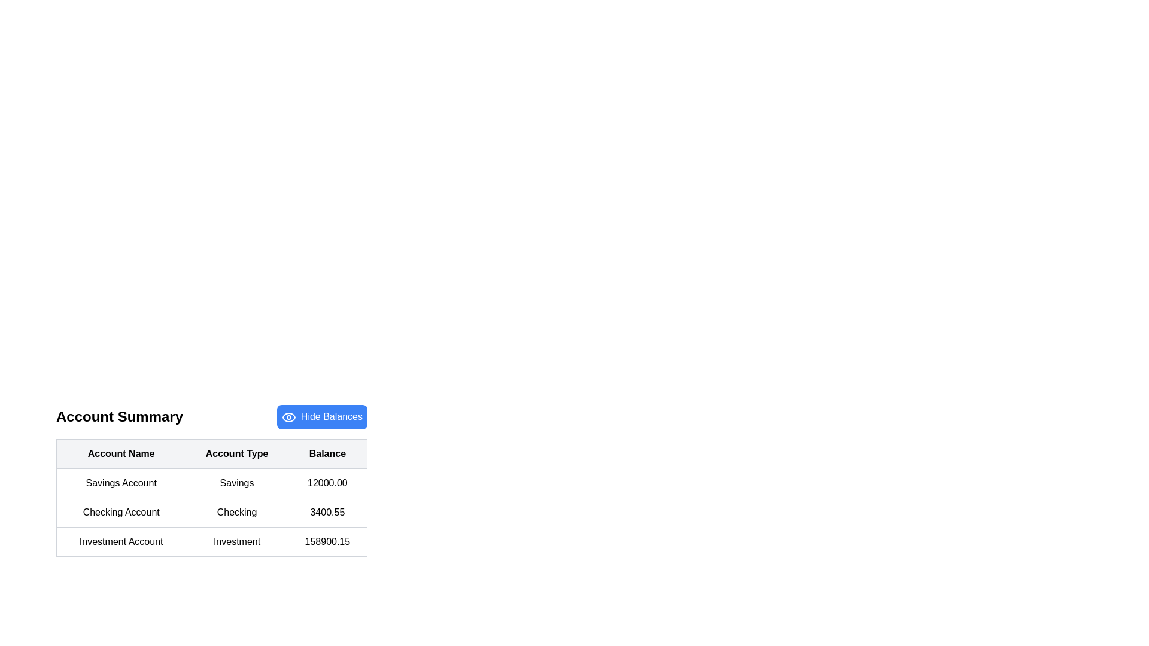  I want to click on the Text label that serves as the column header for the account balance values in the rightmost position of the three-column header row, so click(327, 453).